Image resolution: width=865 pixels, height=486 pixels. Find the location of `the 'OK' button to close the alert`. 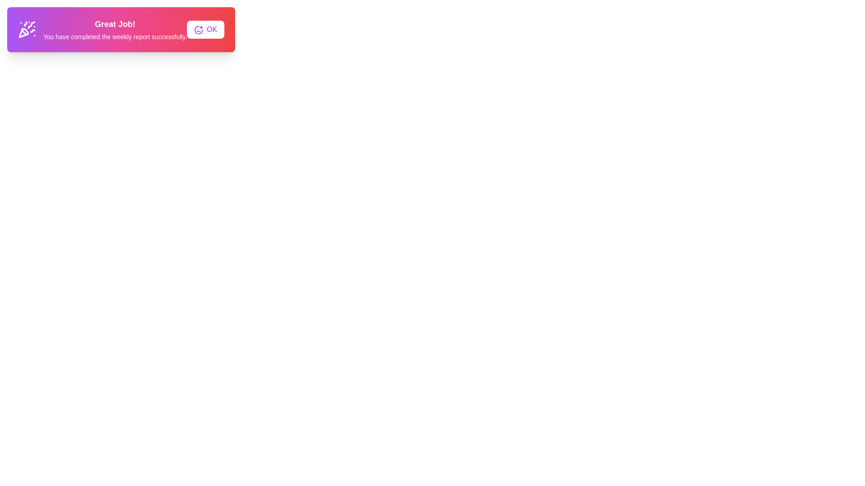

the 'OK' button to close the alert is located at coordinates (205, 29).